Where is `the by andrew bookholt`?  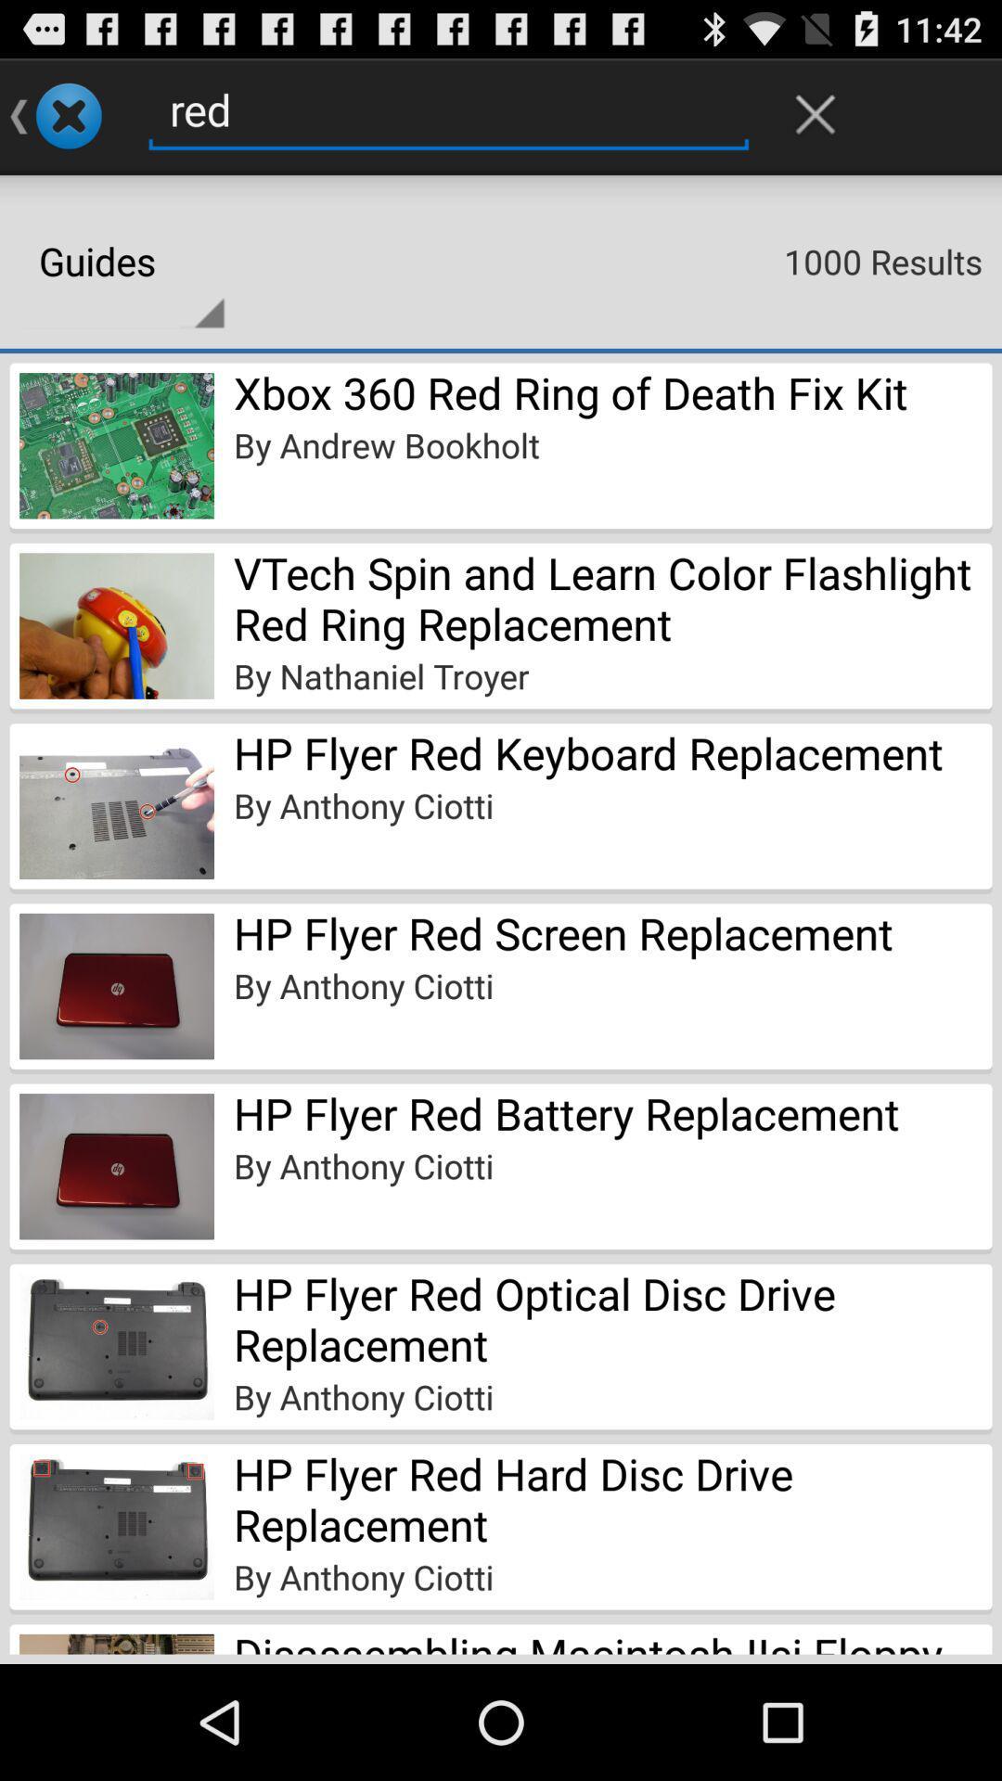 the by andrew bookholt is located at coordinates (385, 445).